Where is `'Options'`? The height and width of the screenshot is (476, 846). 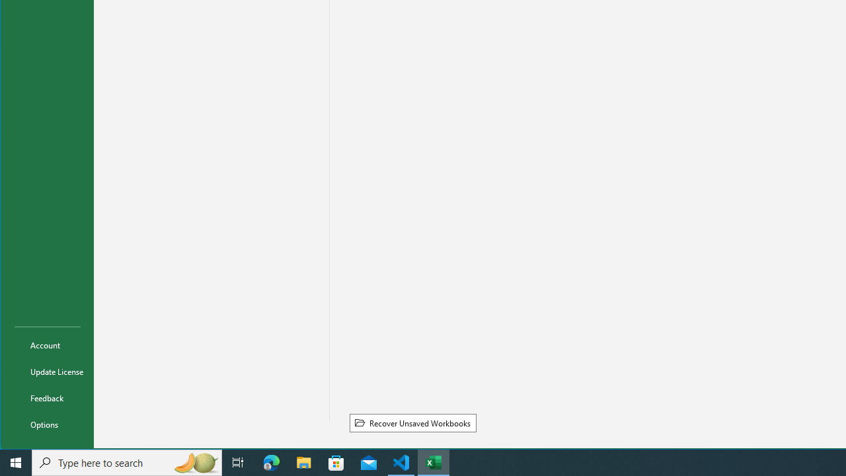 'Options' is located at coordinates (48, 424).